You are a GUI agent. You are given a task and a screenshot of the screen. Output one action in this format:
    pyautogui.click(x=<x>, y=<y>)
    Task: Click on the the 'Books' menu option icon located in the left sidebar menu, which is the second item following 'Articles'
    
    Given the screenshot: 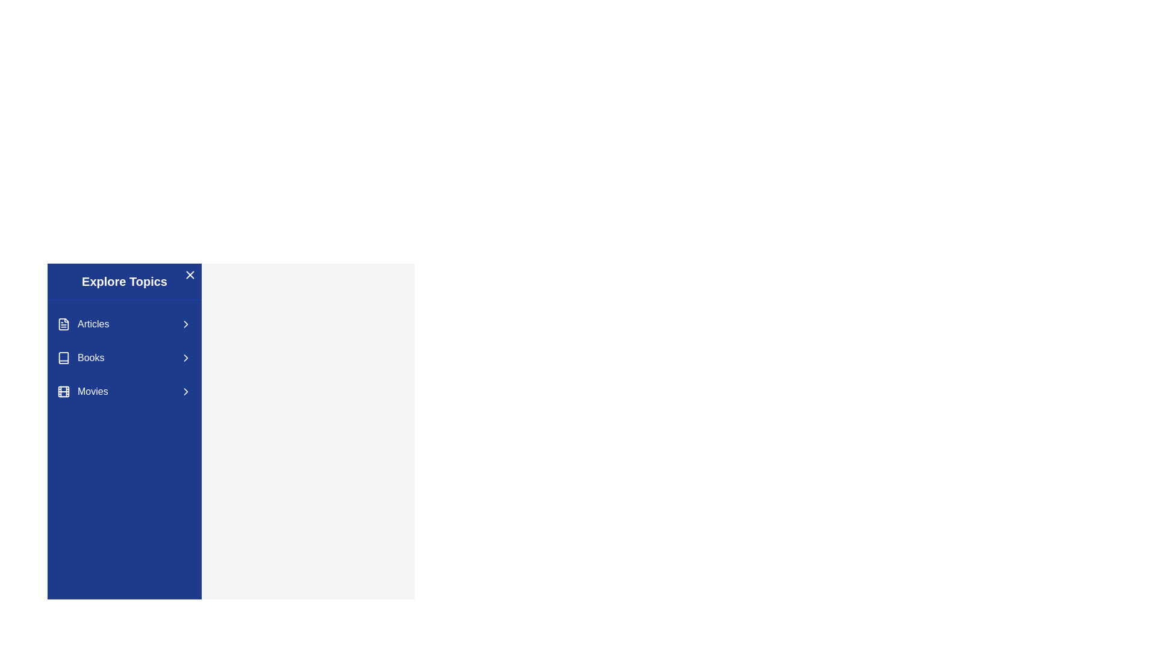 What is the action you would take?
    pyautogui.click(x=63, y=357)
    